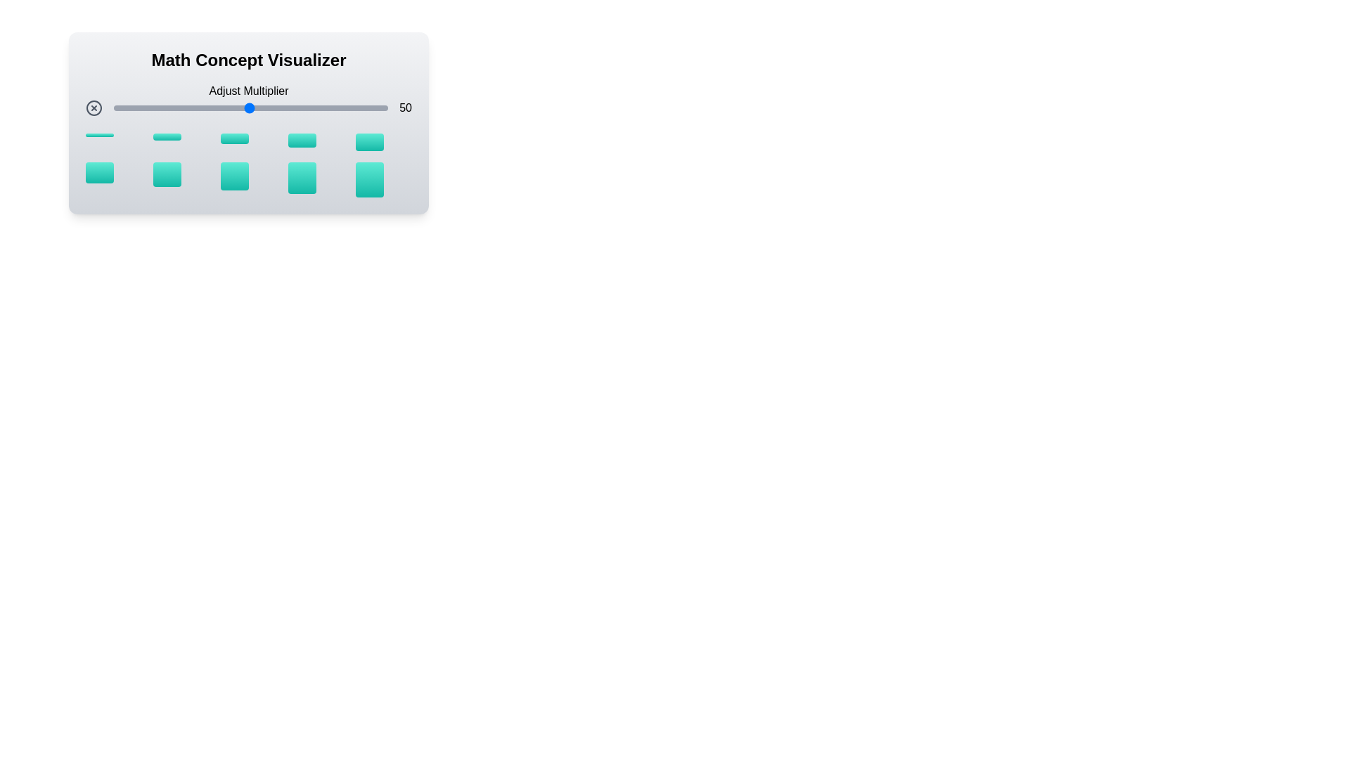 The image size is (1350, 759). Describe the element at coordinates (274, 108) in the screenshot. I see `the multiplier to 59 by adjusting the slider` at that location.